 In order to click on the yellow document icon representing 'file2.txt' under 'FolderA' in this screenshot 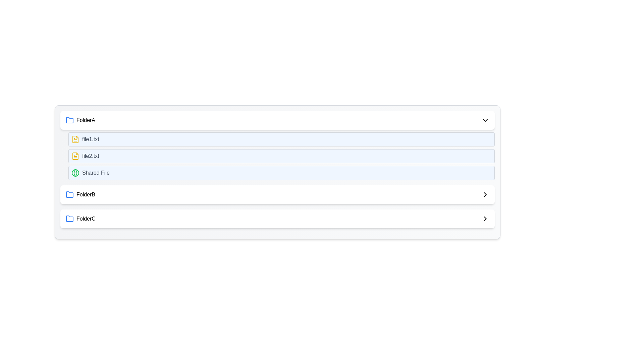, I will do `click(75, 139)`.